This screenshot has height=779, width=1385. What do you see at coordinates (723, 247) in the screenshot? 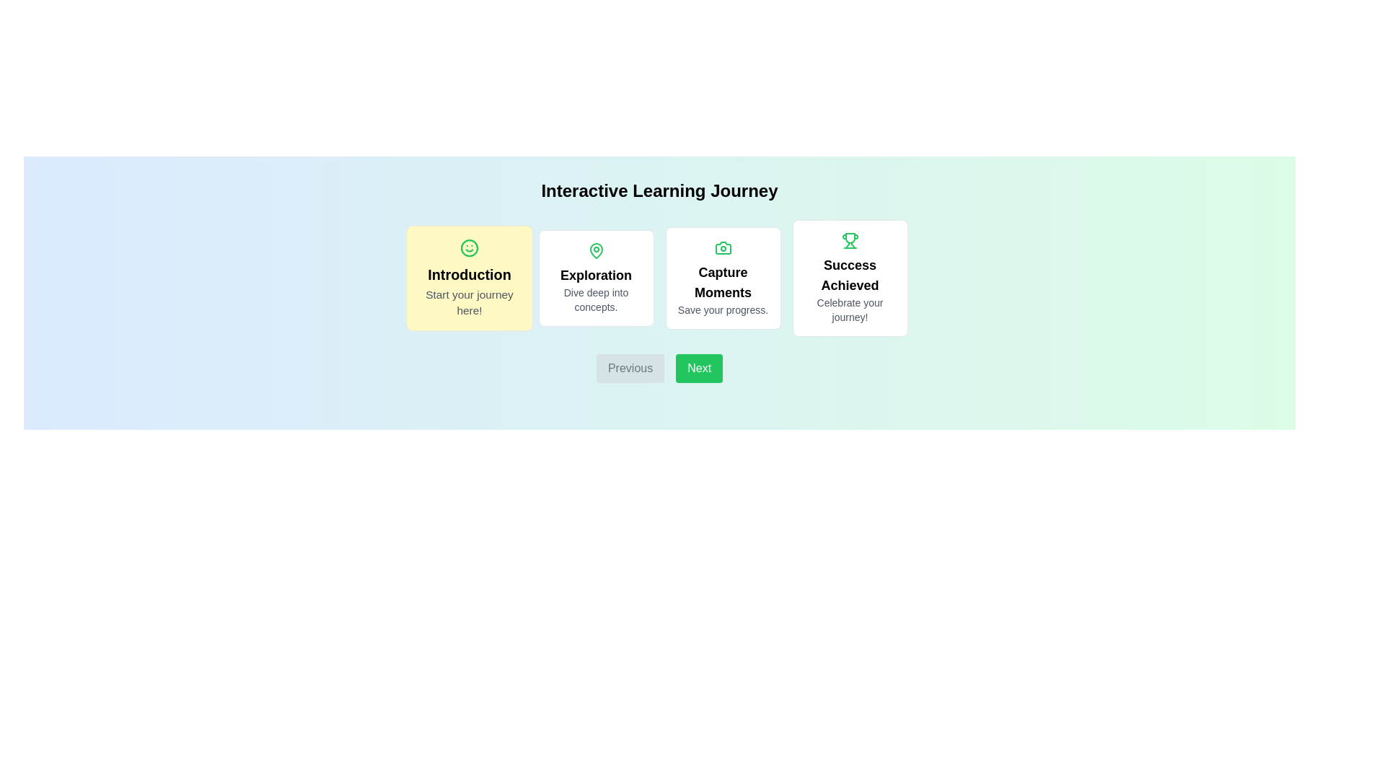
I see `the icon of the step card corresponding to Capture Moments` at bounding box center [723, 247].